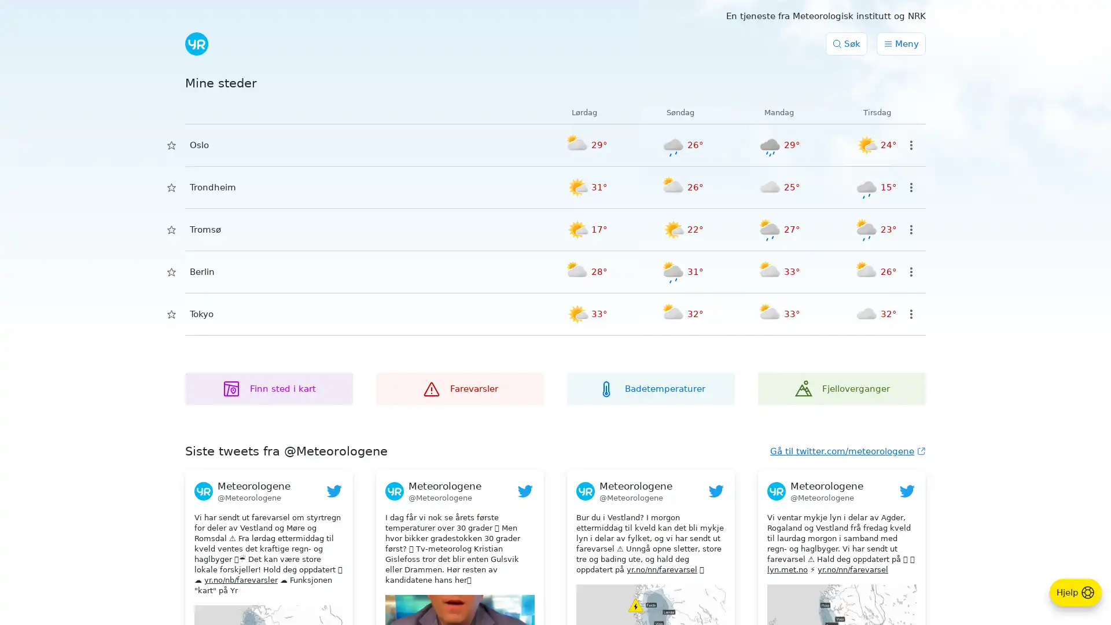  What do you see at coordinates (910, 187) in the screenshot?
I see `Valg for sted` at bounding box center [910, 187].